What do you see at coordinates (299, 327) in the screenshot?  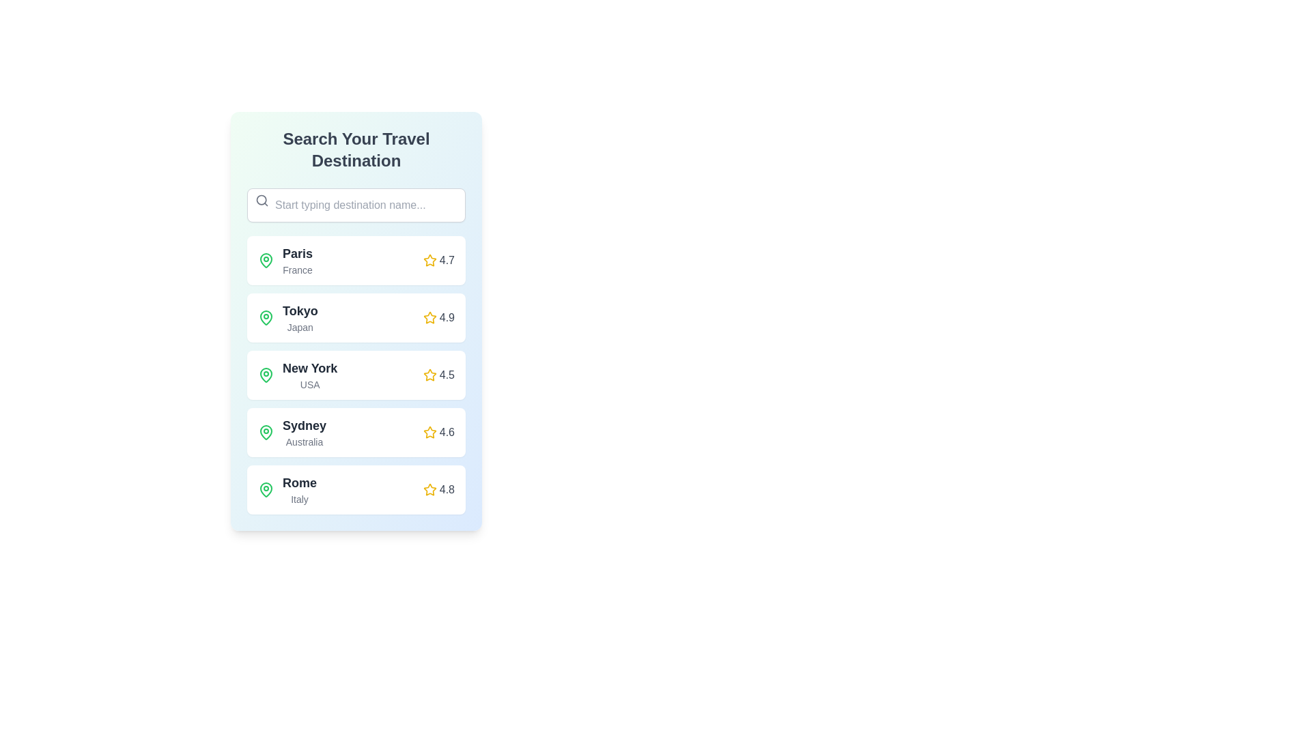 I see `the text label specifying the country 'Japan' associated with the city 'Tokyo', which is located directly below the label 'Tokyo' and to the left of the rating value '4.9' in the card labeled 'Tokyo Japan'` at bounding box center [299, 327].